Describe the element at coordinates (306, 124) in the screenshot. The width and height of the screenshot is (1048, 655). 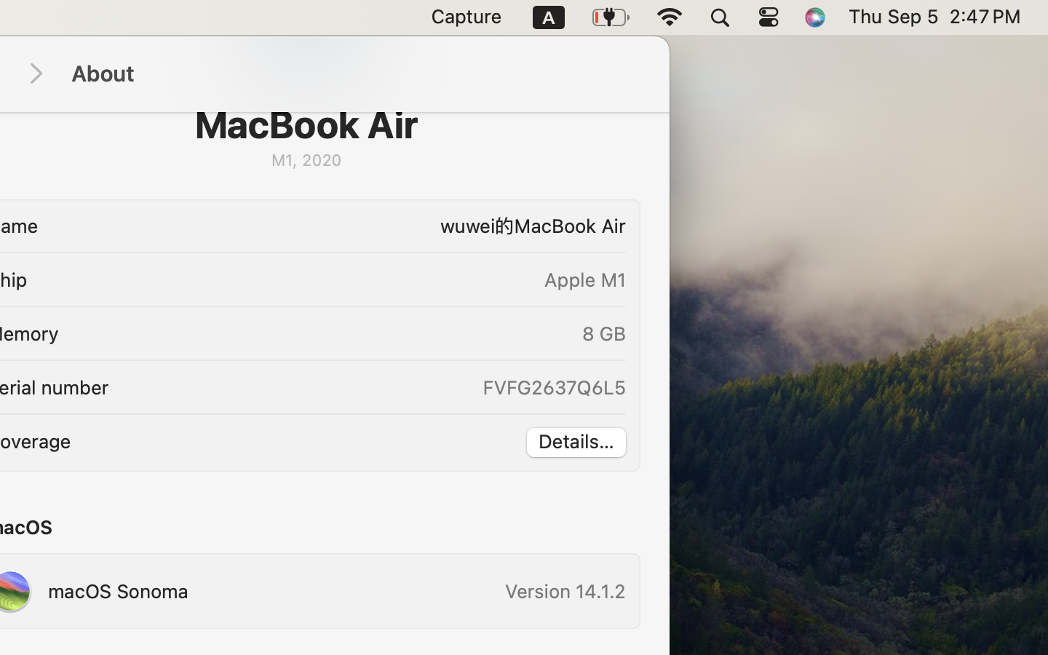
I see `'MacBook Air'` at that location.